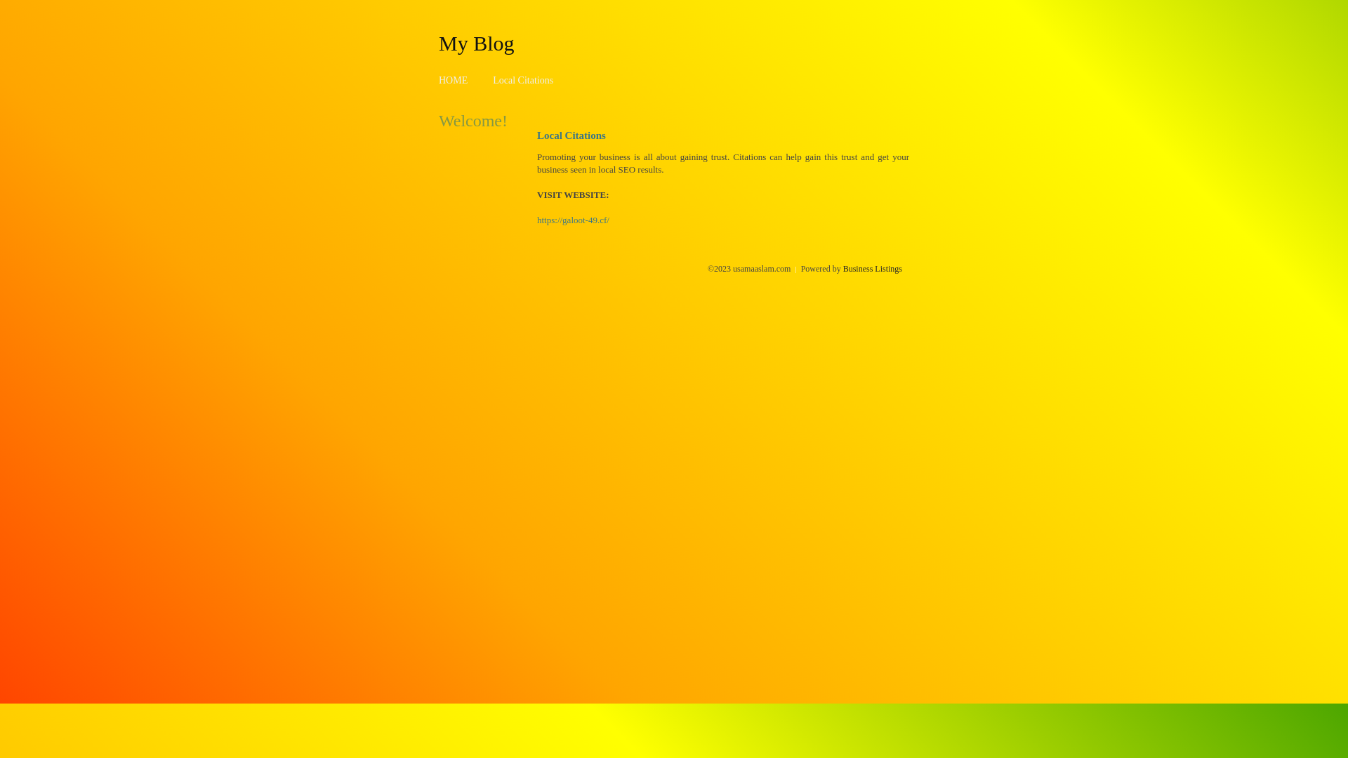  What do you see at coordinates (476, 42) in the screenshot?
I see `'My Blog'` at bounding box center [476, 42].